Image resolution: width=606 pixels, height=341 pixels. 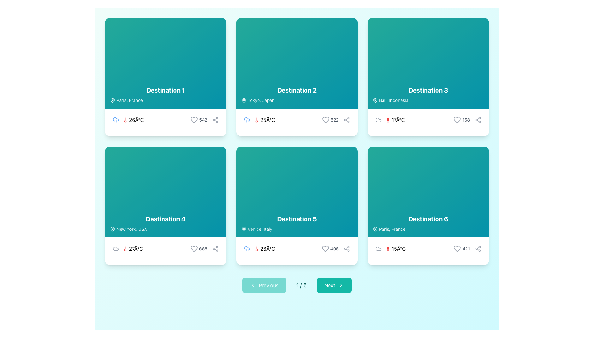 I want to click on the informational card displaying details about 'Destination 4, New York, USA', which is the first card in the second row of the grid layout, so click(x=165, y=192).